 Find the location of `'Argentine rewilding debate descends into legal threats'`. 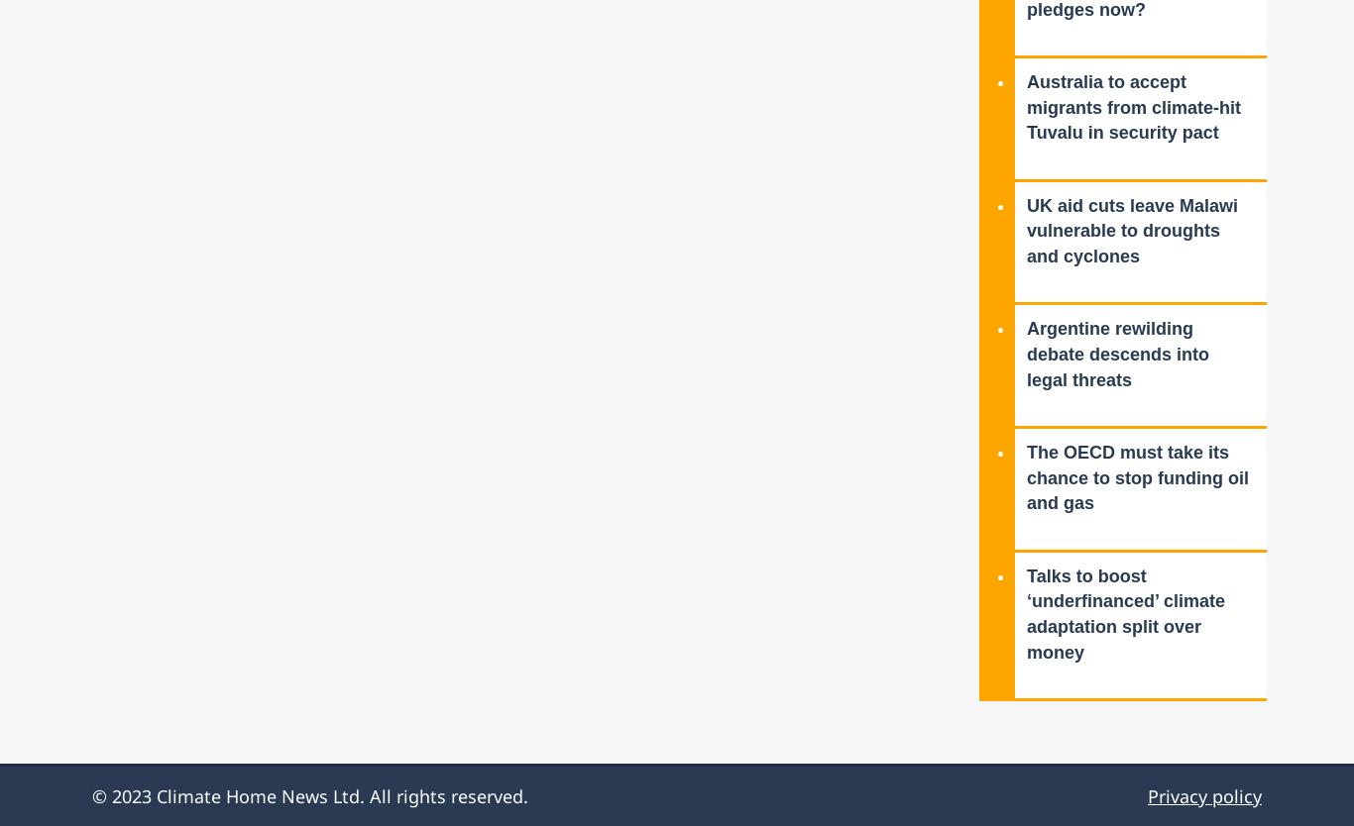

'Argentine rewilding debate descends into legal threats' is located at coordinates (1117, 353).